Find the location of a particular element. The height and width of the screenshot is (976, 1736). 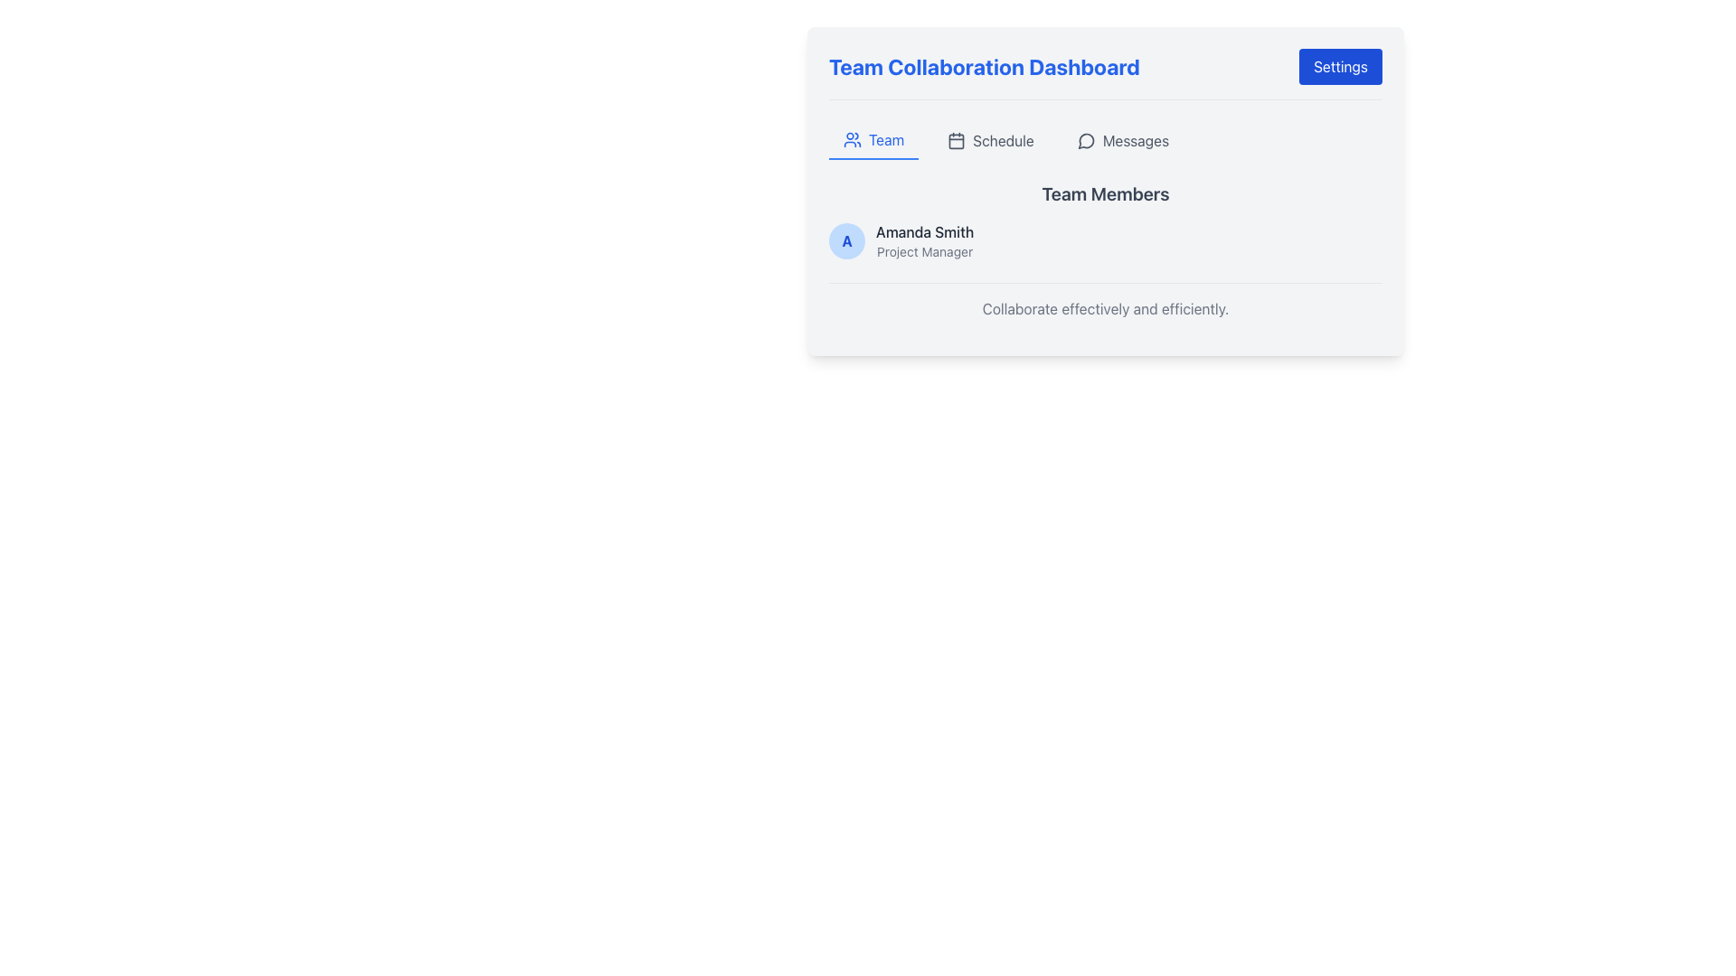

the text display labeled 'Amanda Smith', which is styled in bold and darker font, positioned above the role 'Project Manager' and to the right of the circular avatar icon with the letter 'A' is located at coordinates (925, 231).